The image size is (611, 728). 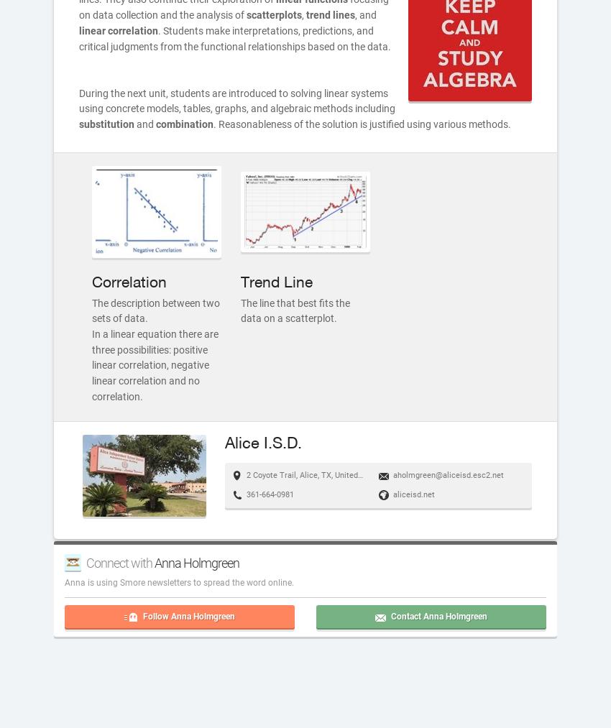 I want to click on ',', so click(x=303, y=14).